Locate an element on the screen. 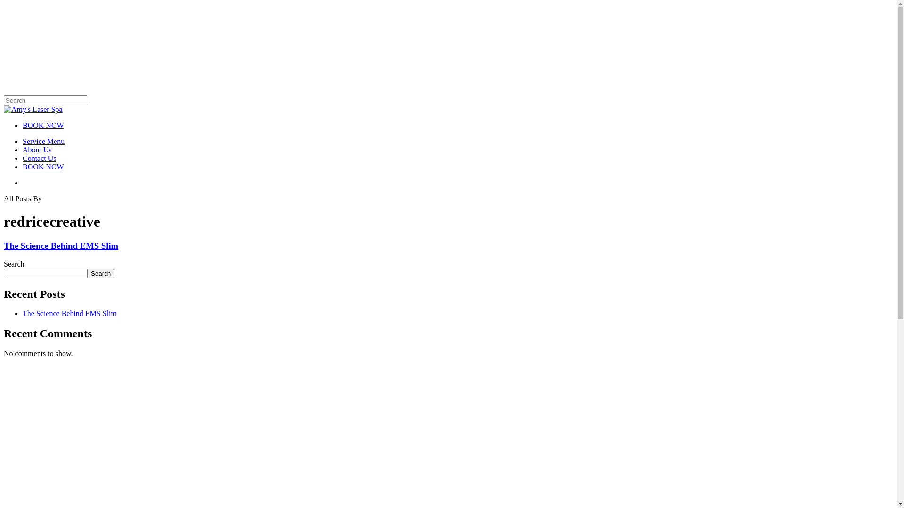 The image size is (904, 508). 'About Us' is located at coordinates (37, 149).